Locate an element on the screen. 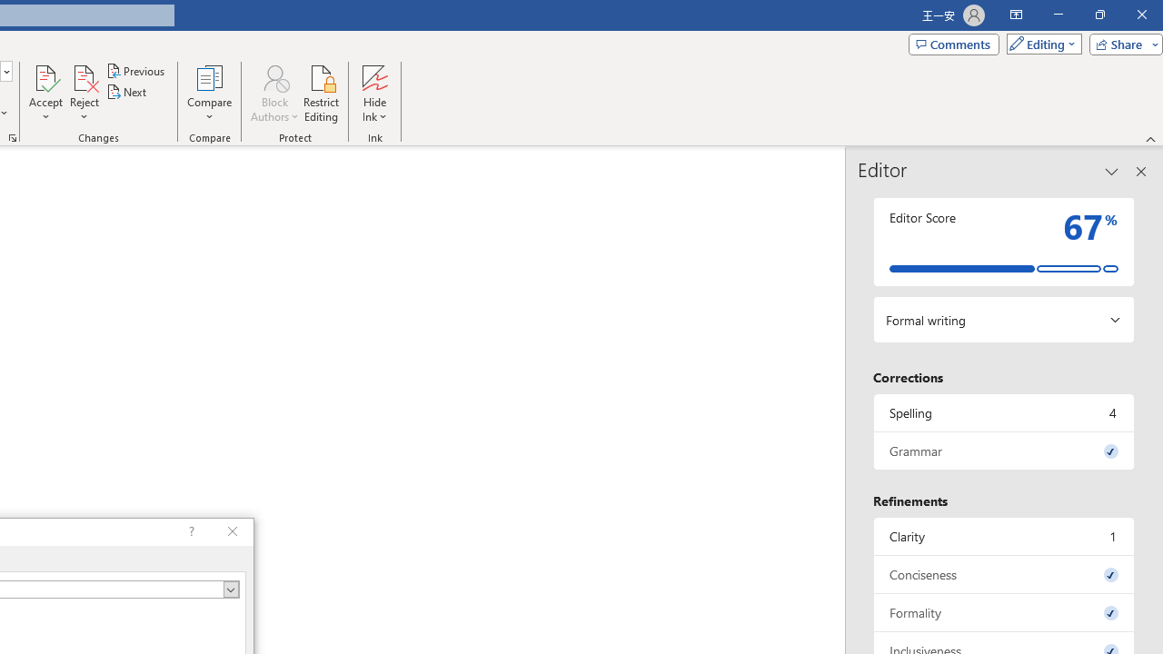 The image size is (1163, 654). 'Spelling, 4 issues. Press space or enter to review items.' is located at coordinates (1003, 412).